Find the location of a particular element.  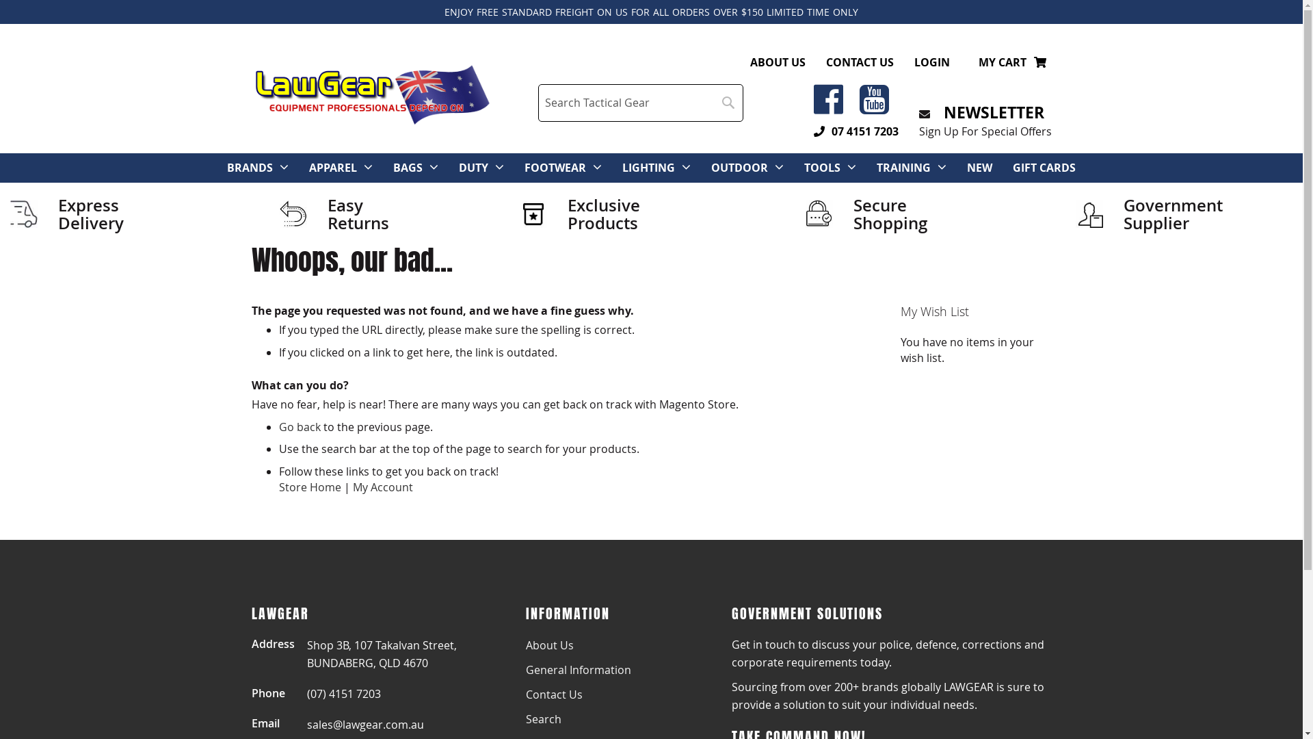

'SEARCH' is located at coordinates (728, 102).